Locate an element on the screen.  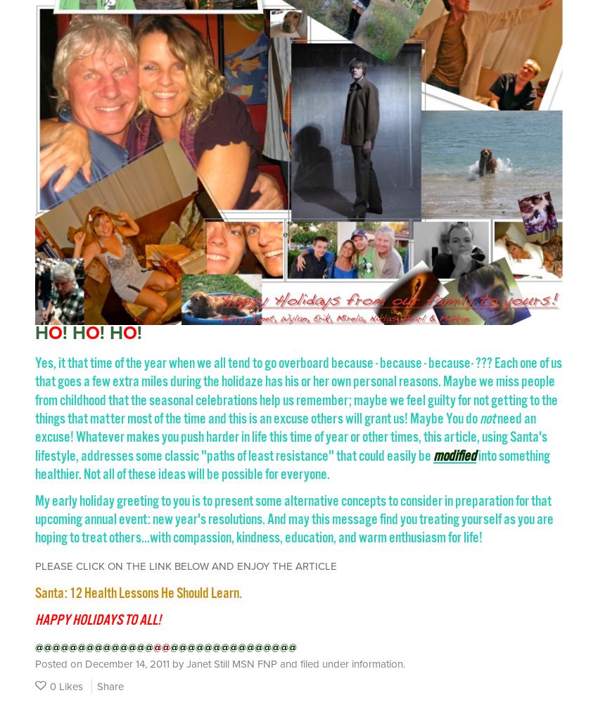
'My early holiday greeting to you is to present some alternative concepts to consider in preparation for that upcoming annual event: new year's resolutions. And may this message find you treating yourself as you are hoping to treat others...with compassion, kindness, education, and warm enthusiasm for life!' is located at coordinates (34, 518).